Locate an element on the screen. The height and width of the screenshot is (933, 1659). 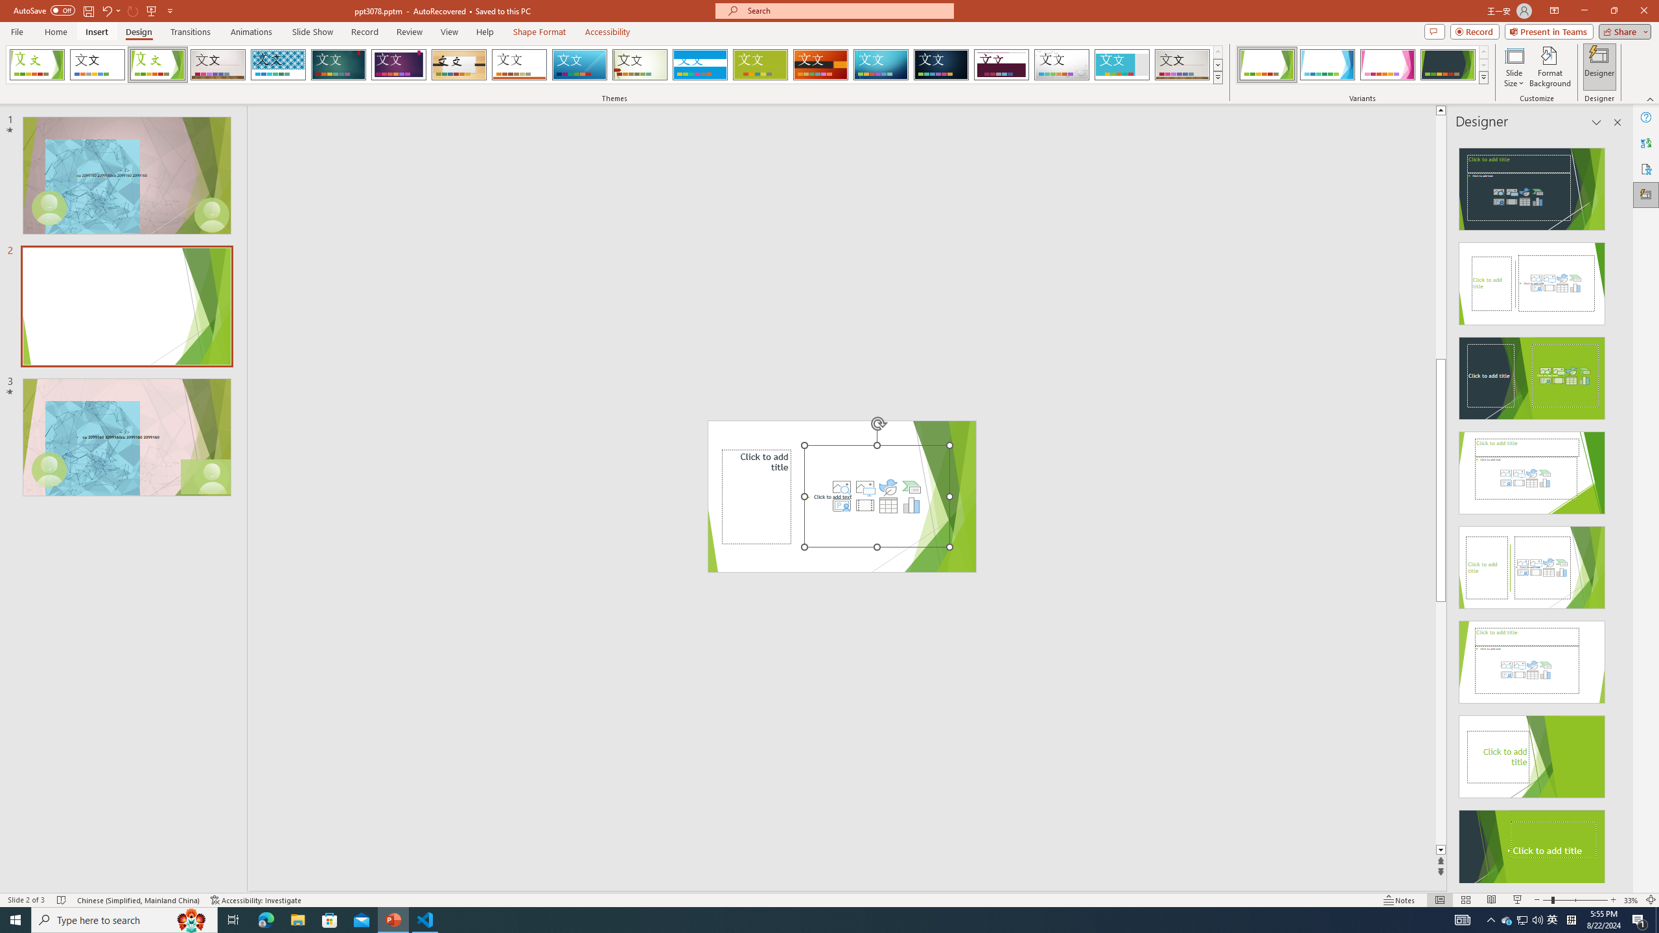
'Banded' is located at coordinates (700, 64).